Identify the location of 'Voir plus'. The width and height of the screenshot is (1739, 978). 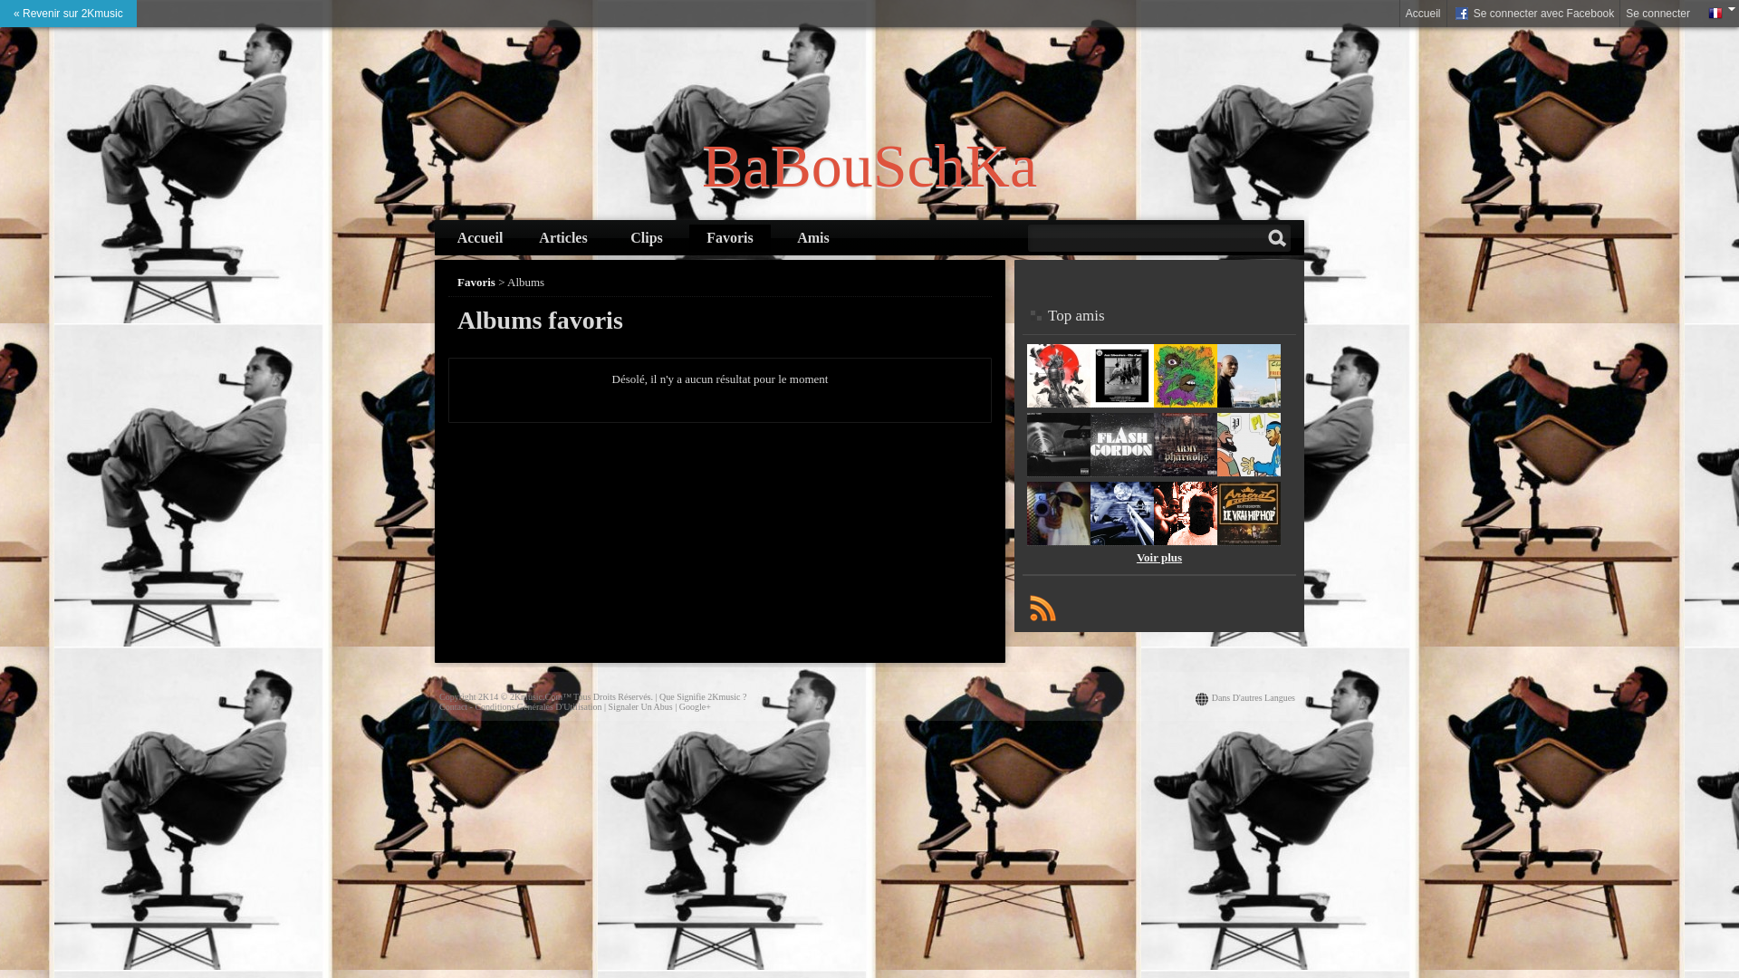
(1135, 556).